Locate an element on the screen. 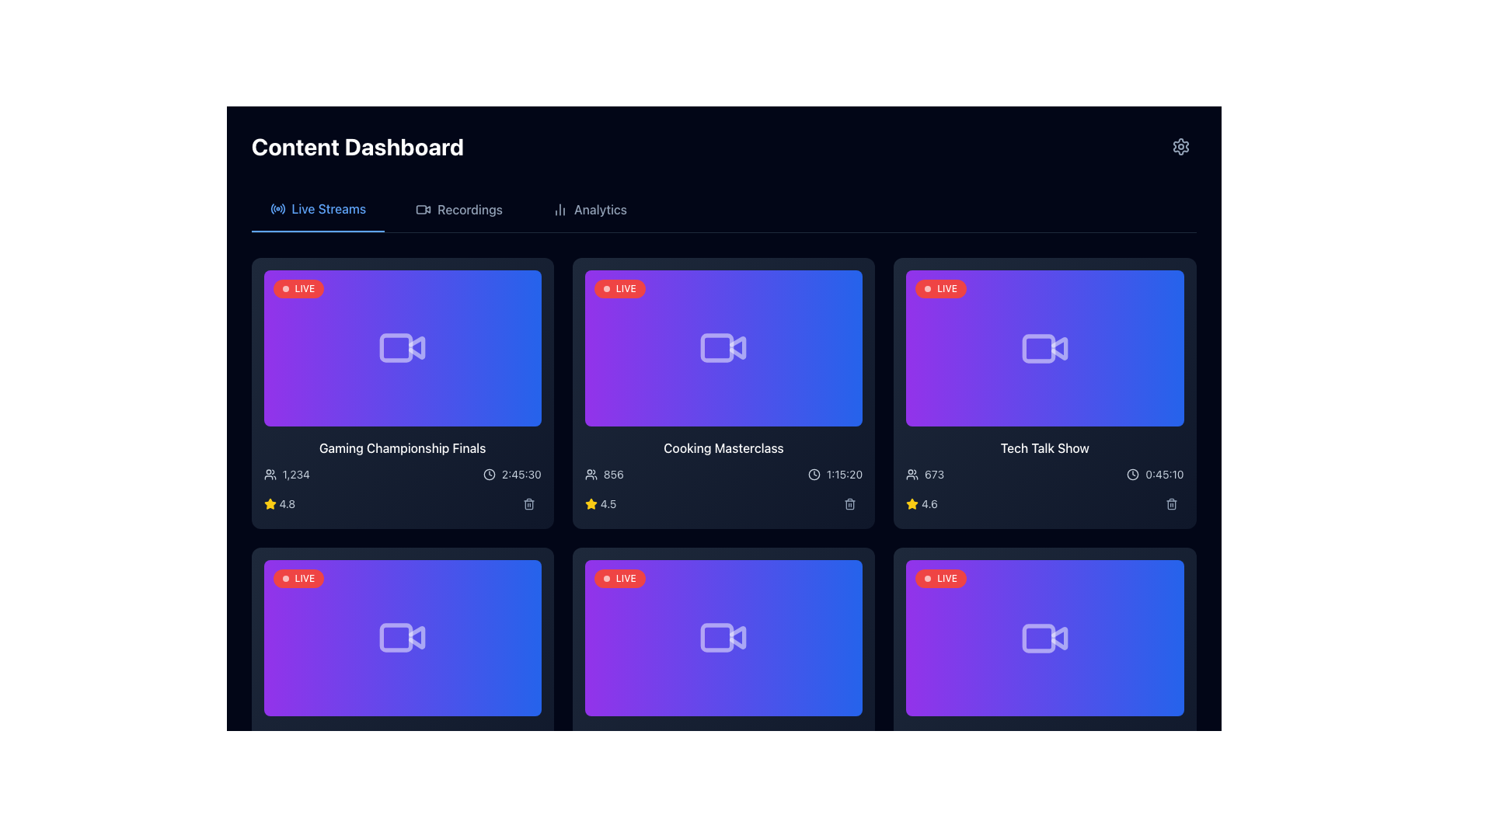 The image size is (1492, 839). the red pill-shaped label with the text 'LIVE' in bold white style, located on a video thumbnail in the top-left corner of the dashboard is located at coordinates (940, 578).